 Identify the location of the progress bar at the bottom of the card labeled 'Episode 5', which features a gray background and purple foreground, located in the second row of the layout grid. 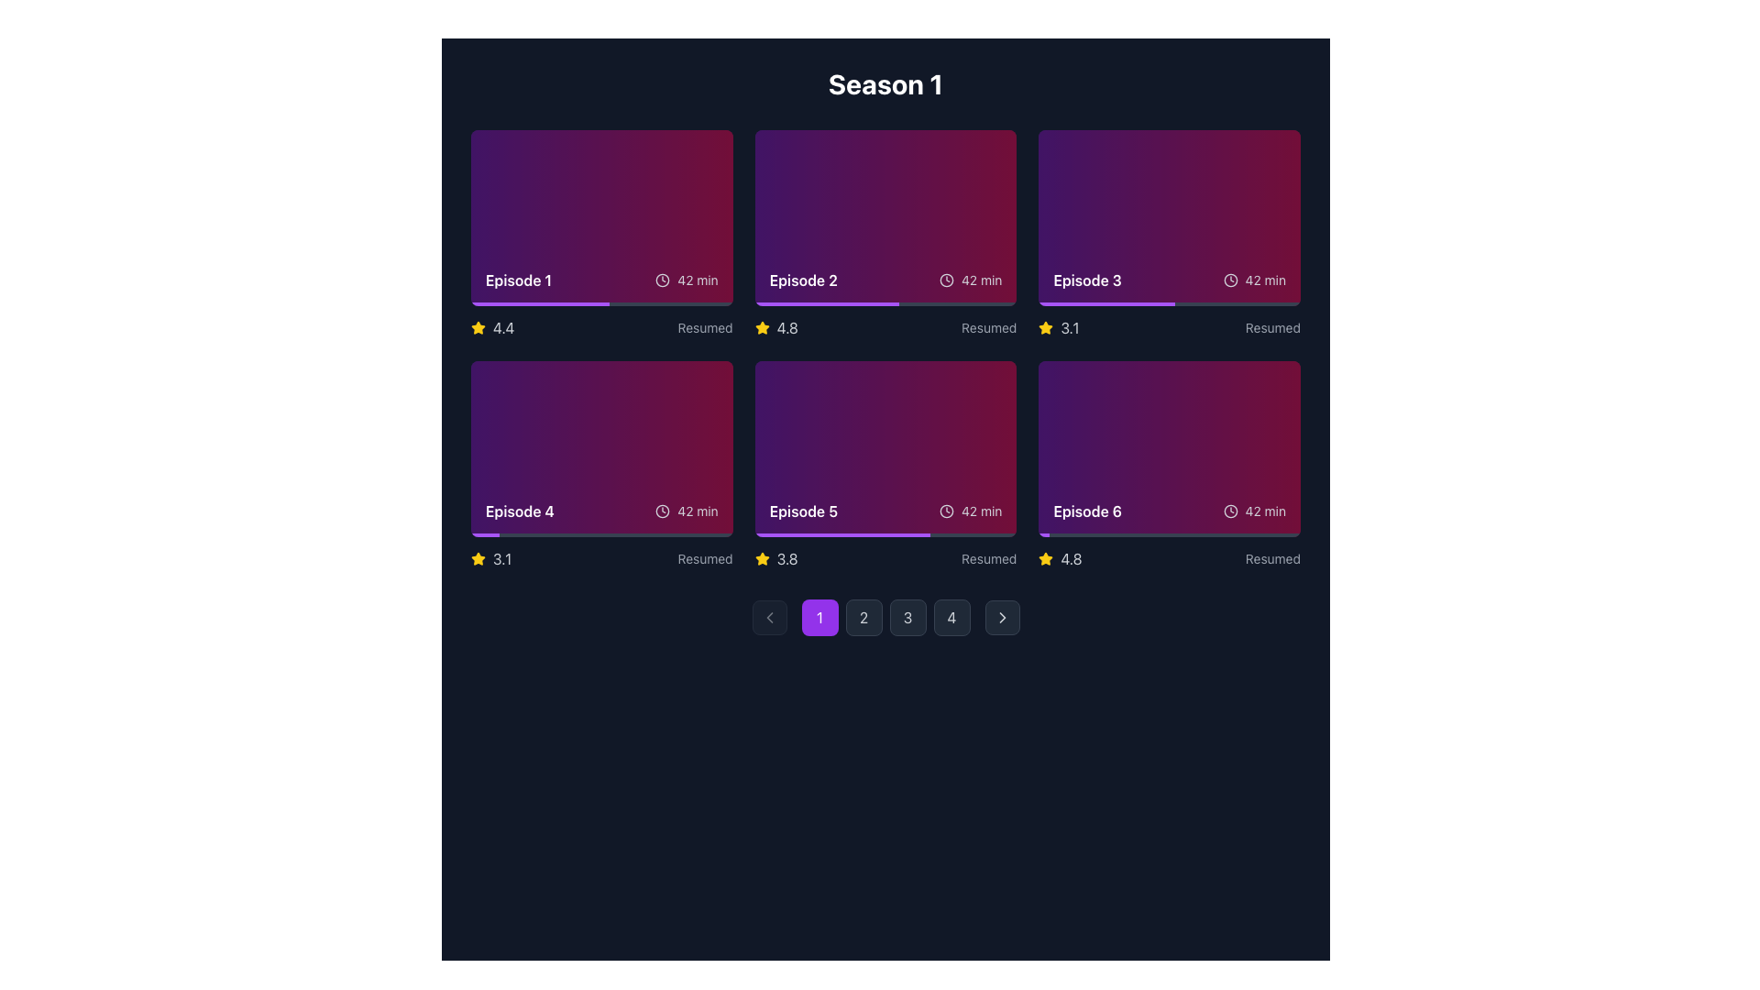
(885, 534).